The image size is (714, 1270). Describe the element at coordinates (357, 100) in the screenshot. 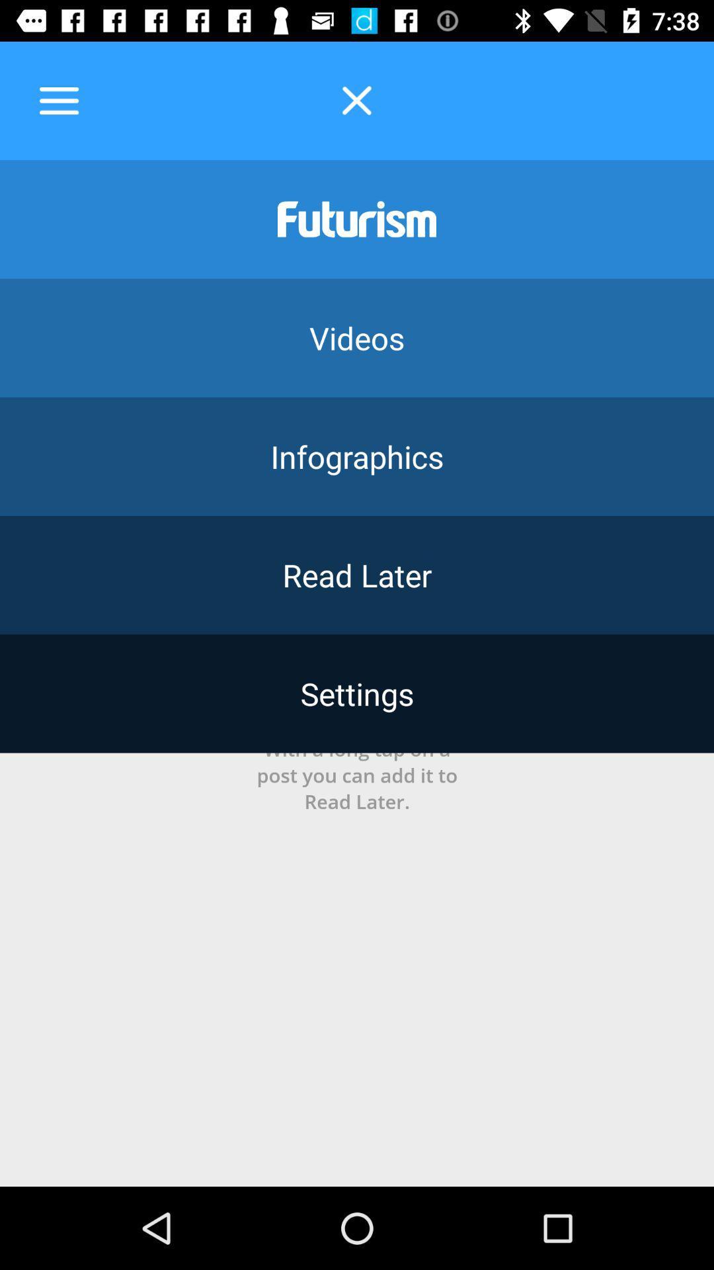

I see `the close icon` at that location.